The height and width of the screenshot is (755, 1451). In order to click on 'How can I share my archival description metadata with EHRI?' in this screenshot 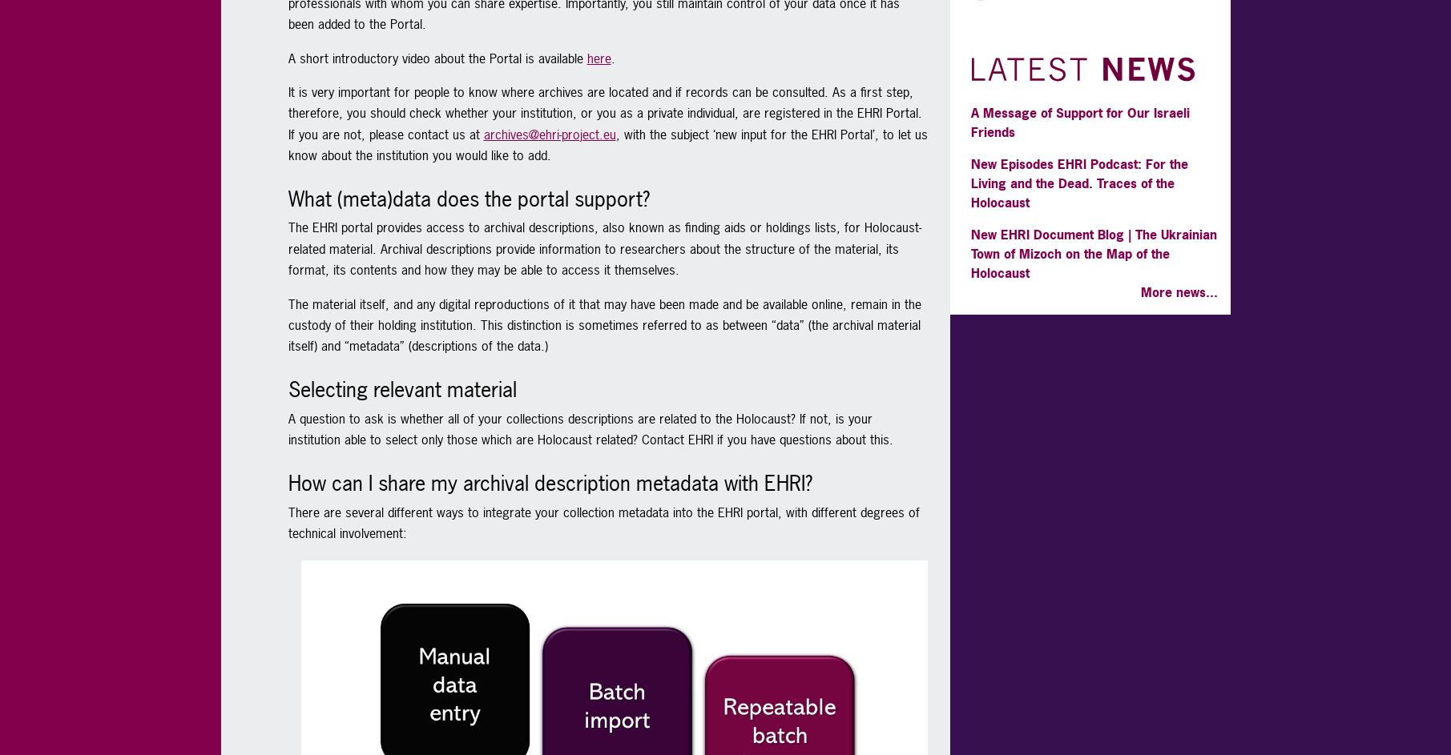, I will do `click(550, 482)`.